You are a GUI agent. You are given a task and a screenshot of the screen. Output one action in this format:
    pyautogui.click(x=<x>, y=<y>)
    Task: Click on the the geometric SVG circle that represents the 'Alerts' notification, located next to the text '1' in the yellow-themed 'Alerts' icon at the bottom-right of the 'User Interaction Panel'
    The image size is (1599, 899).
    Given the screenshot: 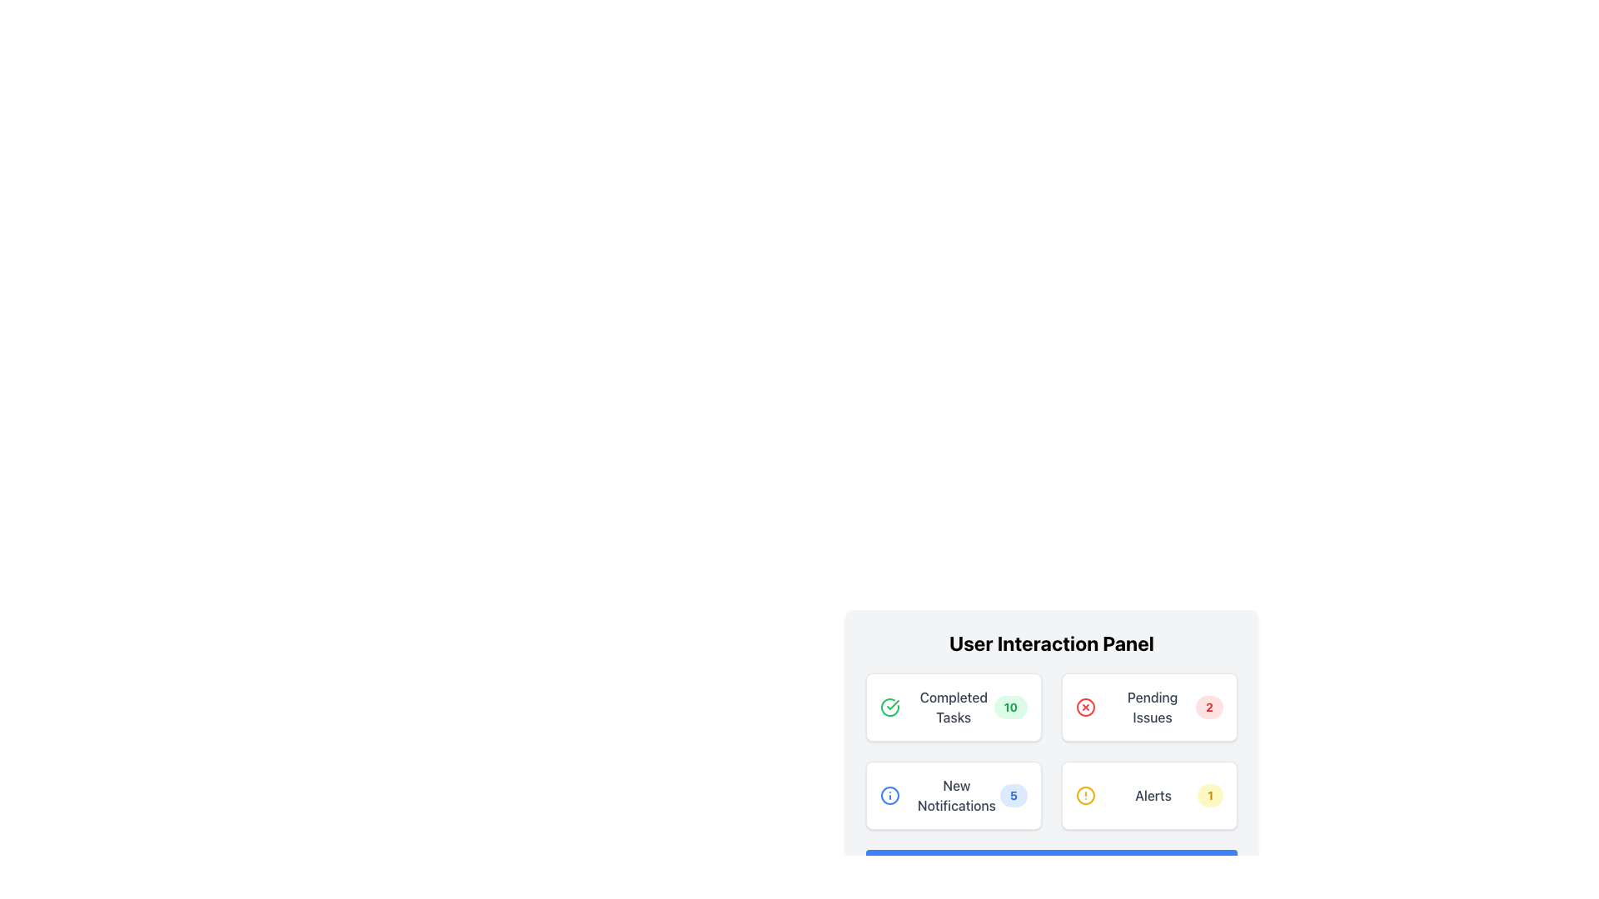 What is the action you would take?
    pyautogui.click(x=1086, y=795)
    